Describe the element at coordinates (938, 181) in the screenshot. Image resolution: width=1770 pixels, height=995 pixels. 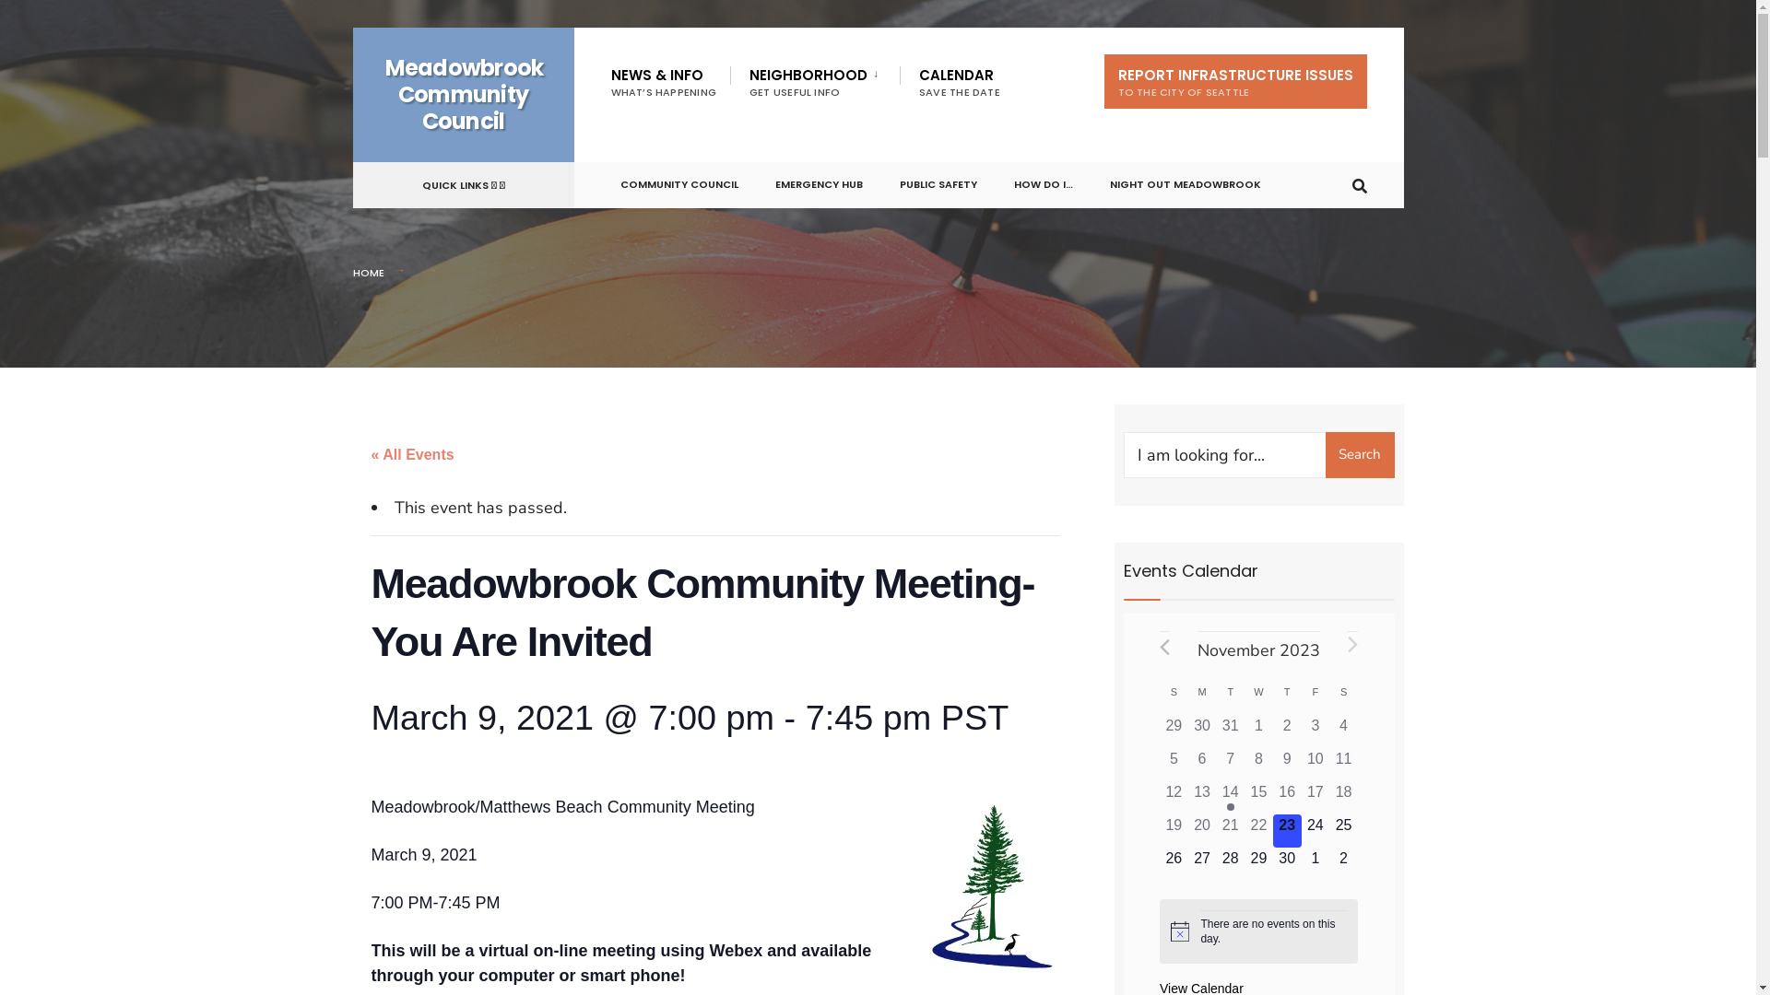
I see `'PUBLIC SAFETY'` at that location.